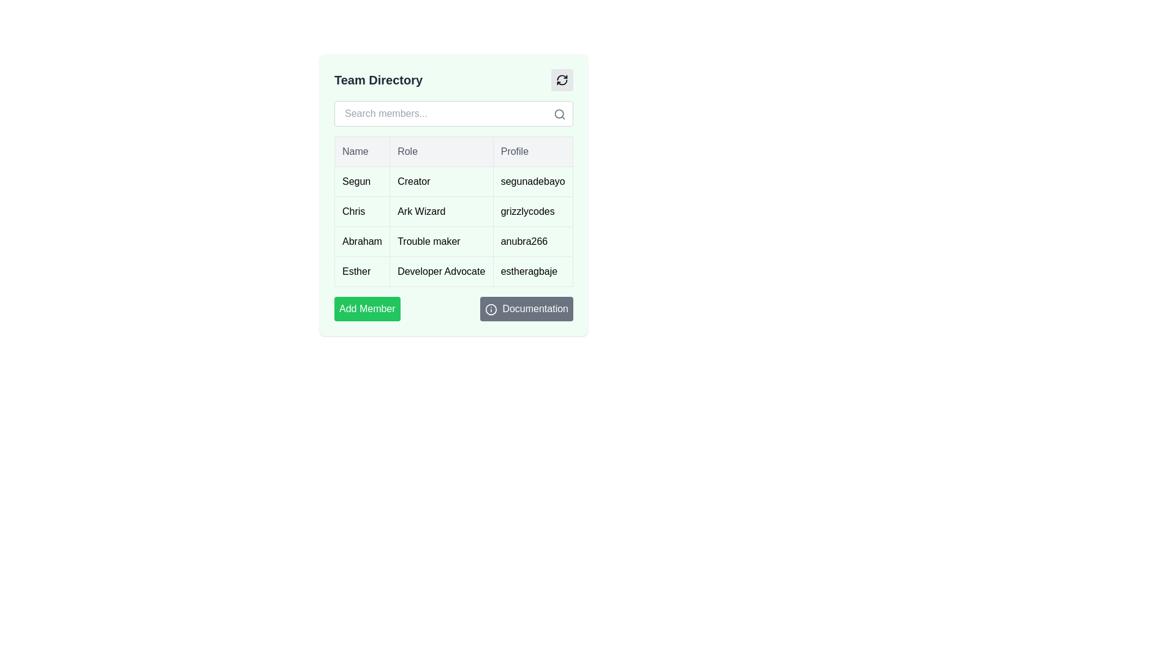 The height and width of the screenshot is (661, 1176). What do you see at coordinates (361, 151) in the screenshot?
I see `text of the Table Header element labeled 'Name', which is styled with a gray background and is the first header in the table` at bounding box center [361, 151].